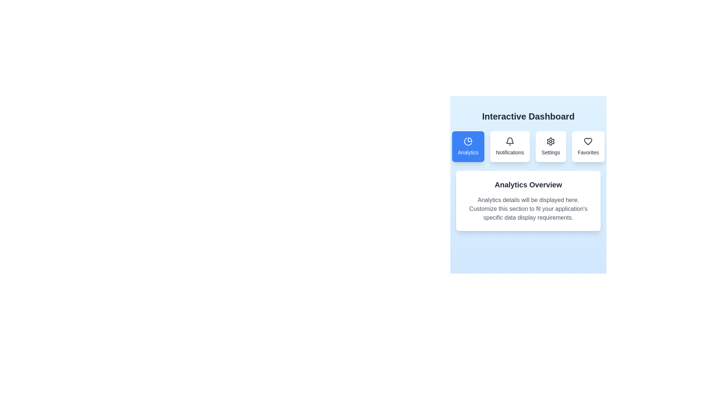 This screenshot has height=396, width=704. What do you see at coordinates (588, 152) in the screenshot?
I see `text label for the 'Favorites' button located beneath the heart icon, which is the last button in a horizontal row of buttons` at bounding box center [588, 152].